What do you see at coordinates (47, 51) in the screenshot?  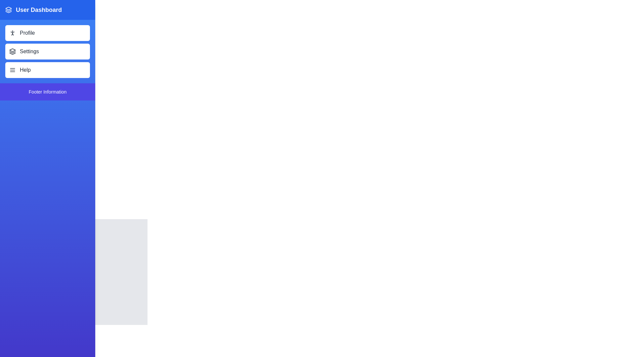 I see `the 'Settings' button located in the sidebar` at bounding box center [47, 51].